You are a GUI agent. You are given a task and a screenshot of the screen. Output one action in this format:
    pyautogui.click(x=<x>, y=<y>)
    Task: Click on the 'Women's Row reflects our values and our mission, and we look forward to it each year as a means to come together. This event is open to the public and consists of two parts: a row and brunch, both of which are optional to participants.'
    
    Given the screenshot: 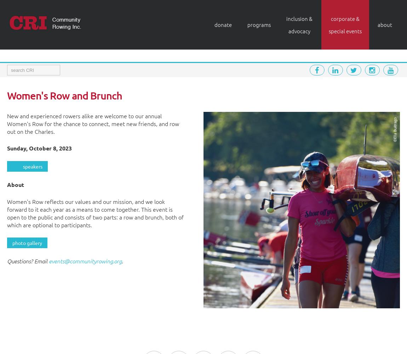 What is the action you would take?
    pyautogui.click(x=95, y=213)
    